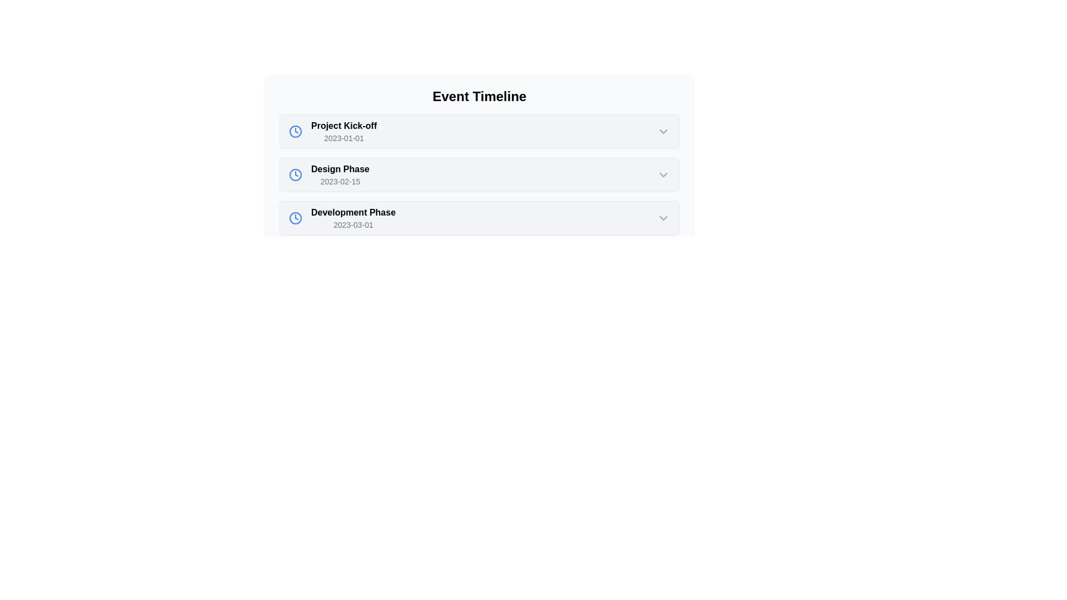 The height and width of the screenshot is (600, 1067). Describe the element at coordinates (328, 175) in the screenshot. I see `the timeline entry for the 'Design Phase' event` at that location.